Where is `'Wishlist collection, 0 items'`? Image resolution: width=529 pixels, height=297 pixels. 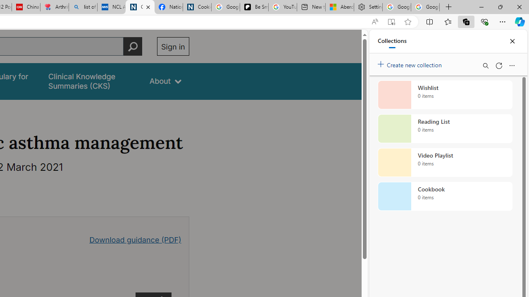
'Wishlist collection, 0 items' is located at coordinates (445, 94).